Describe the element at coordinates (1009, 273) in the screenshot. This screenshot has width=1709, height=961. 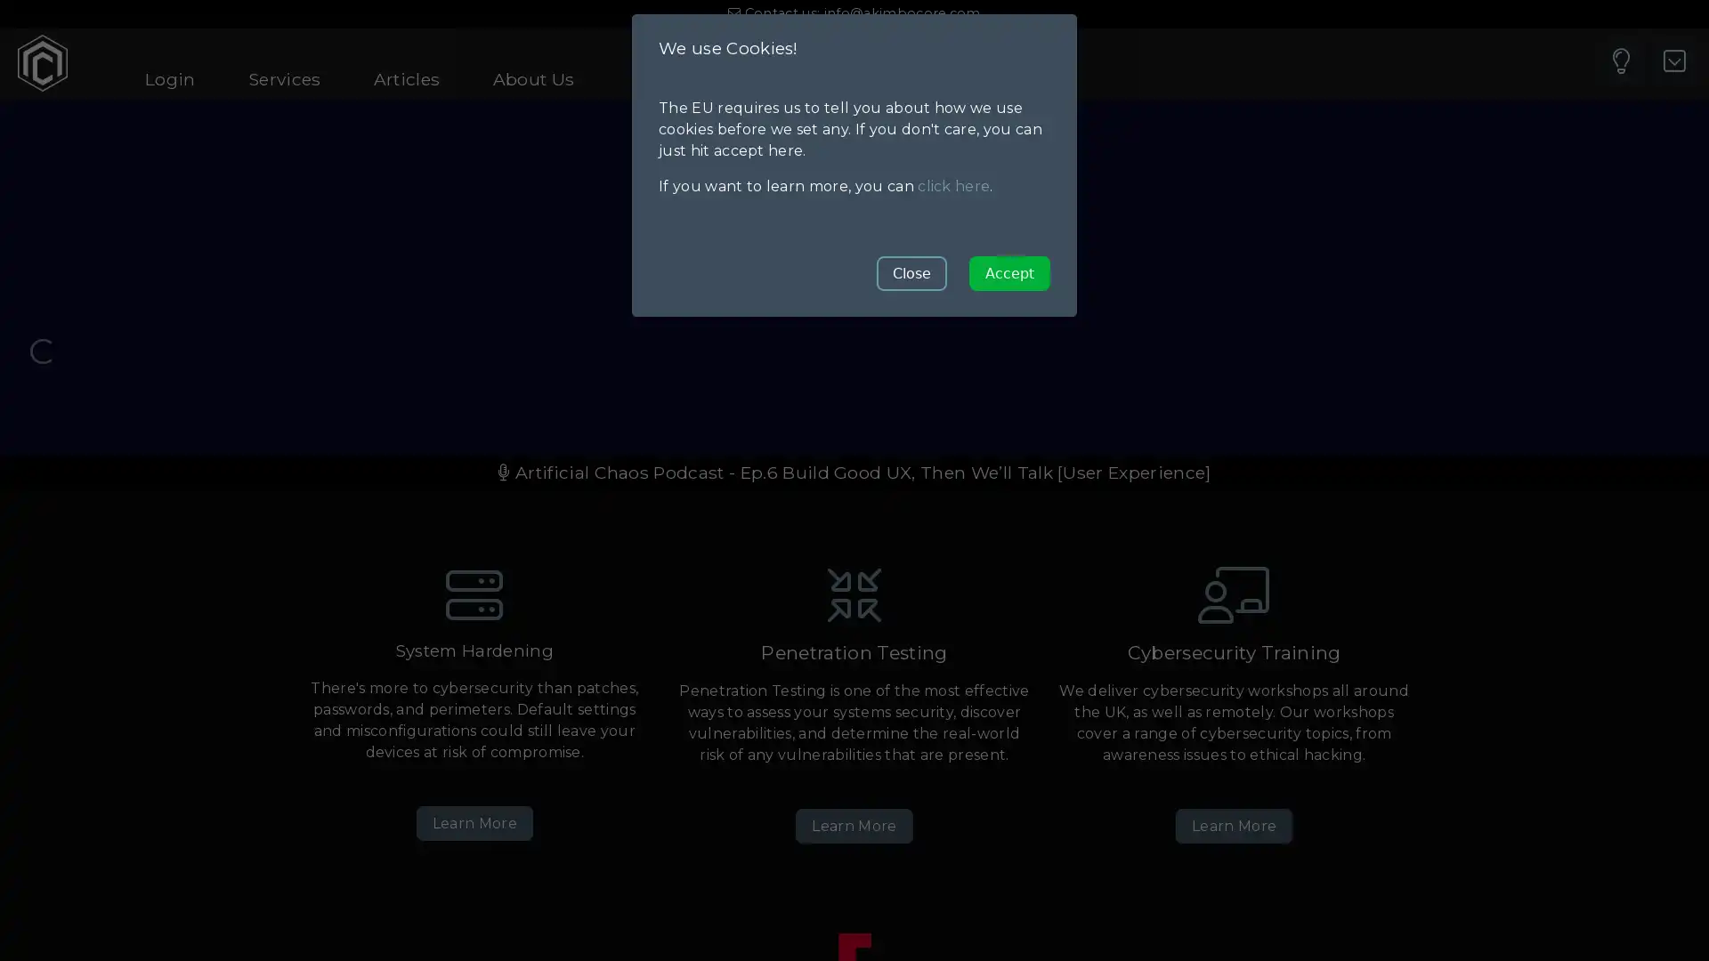
I see `Accept` at that location.